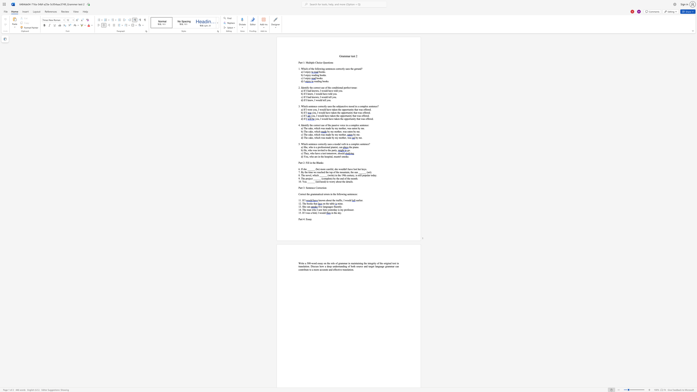 This screenshot has width=697, height=392. What do you see at coordinates (354, 263) in the screenshot?
I see `the subset text "inta" within the text "maintaining"` at bounding box center [354, 263].